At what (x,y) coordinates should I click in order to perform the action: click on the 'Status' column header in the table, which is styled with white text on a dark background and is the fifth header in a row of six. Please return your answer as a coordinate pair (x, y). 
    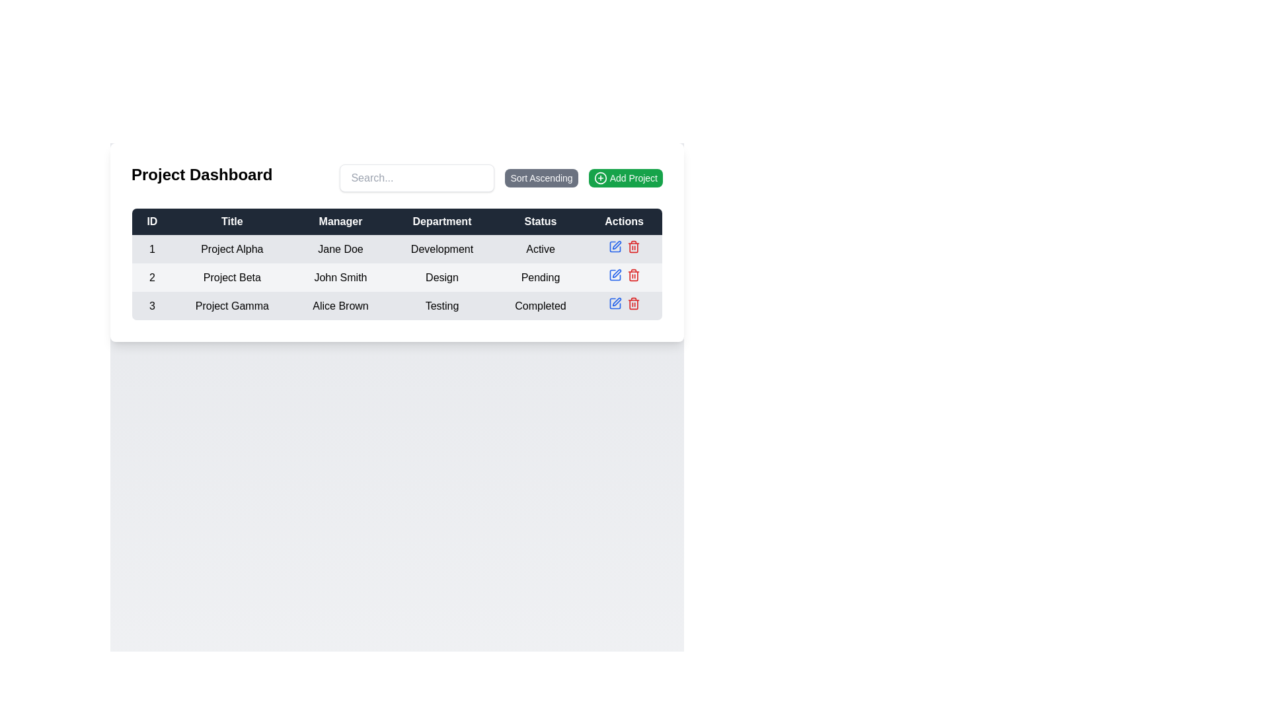
    Looking at the image, I should click on (540, 221).